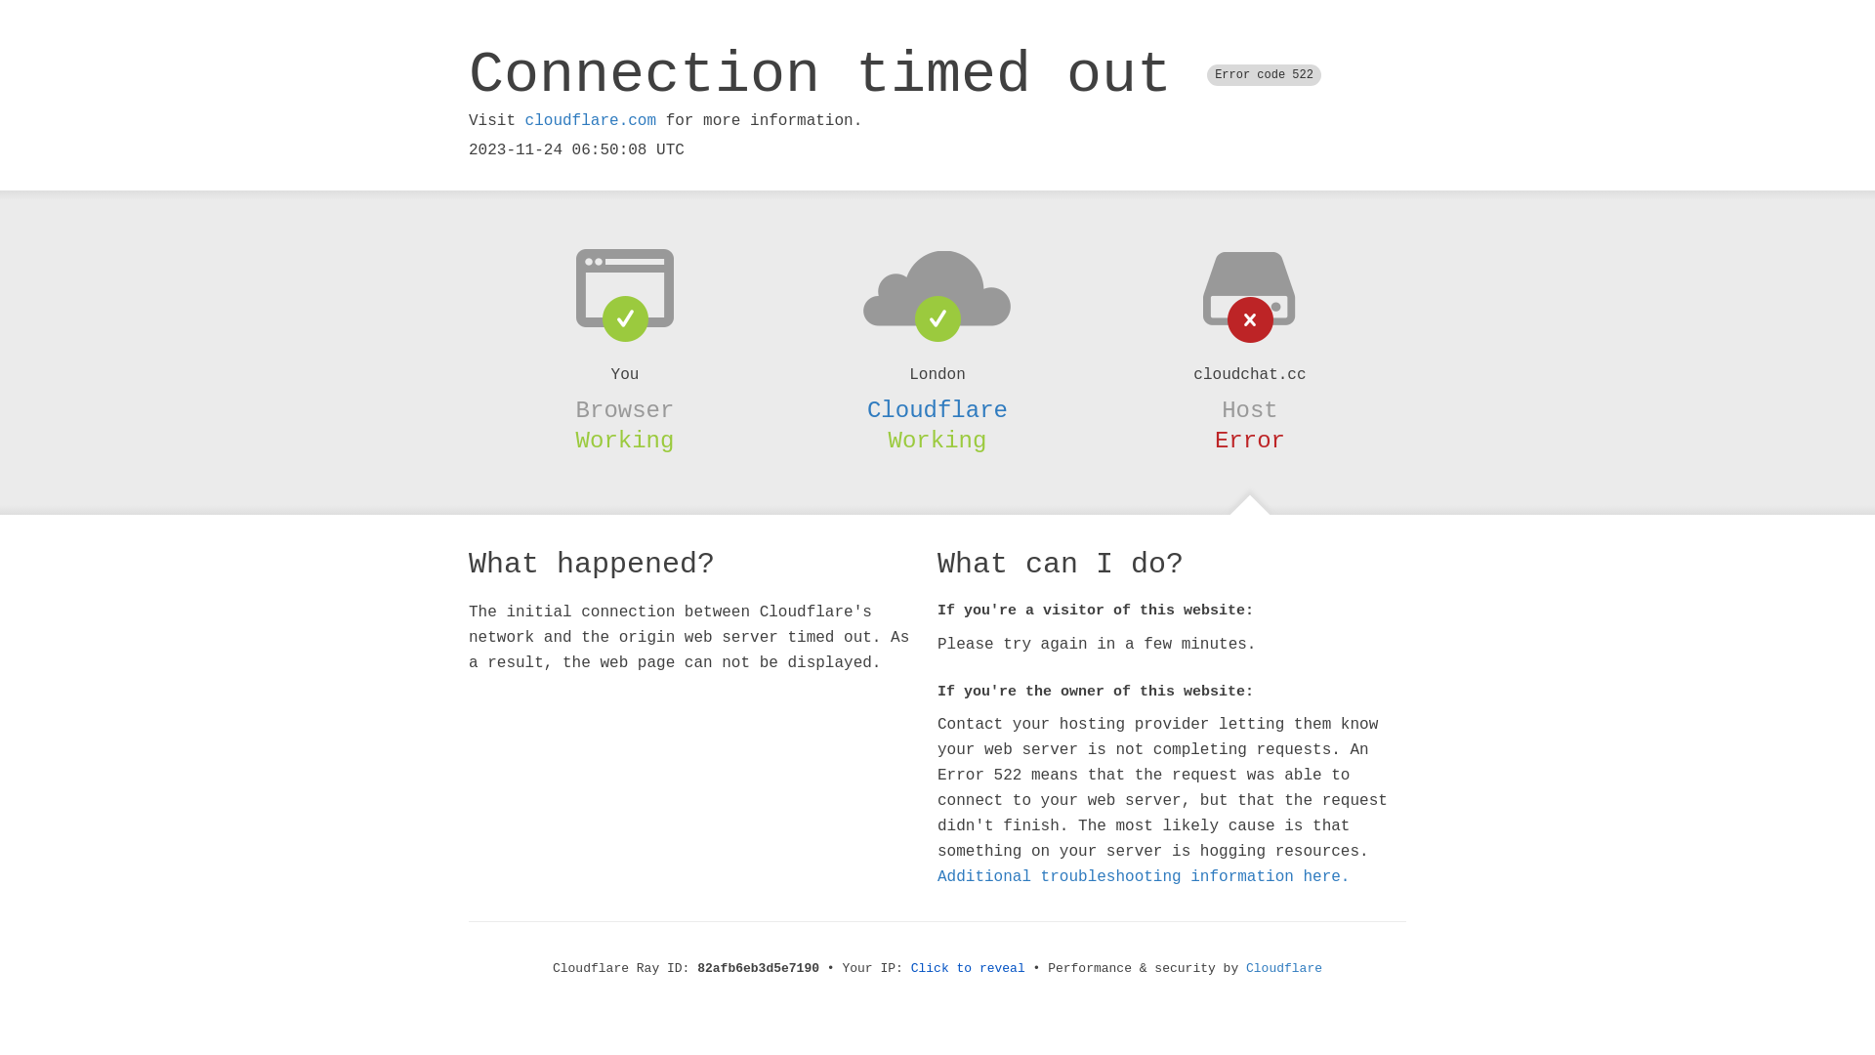 The width and height of the screenshot is (1875, 1055). I want to click on 'Cloudflare', so click(937, 409).